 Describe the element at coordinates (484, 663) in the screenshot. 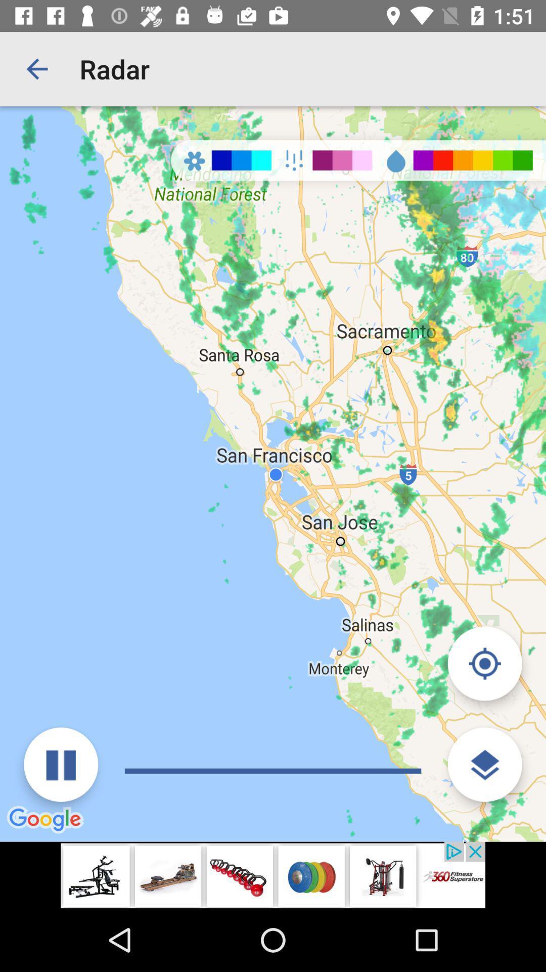

I see `the location_crosshair icon` at that location.